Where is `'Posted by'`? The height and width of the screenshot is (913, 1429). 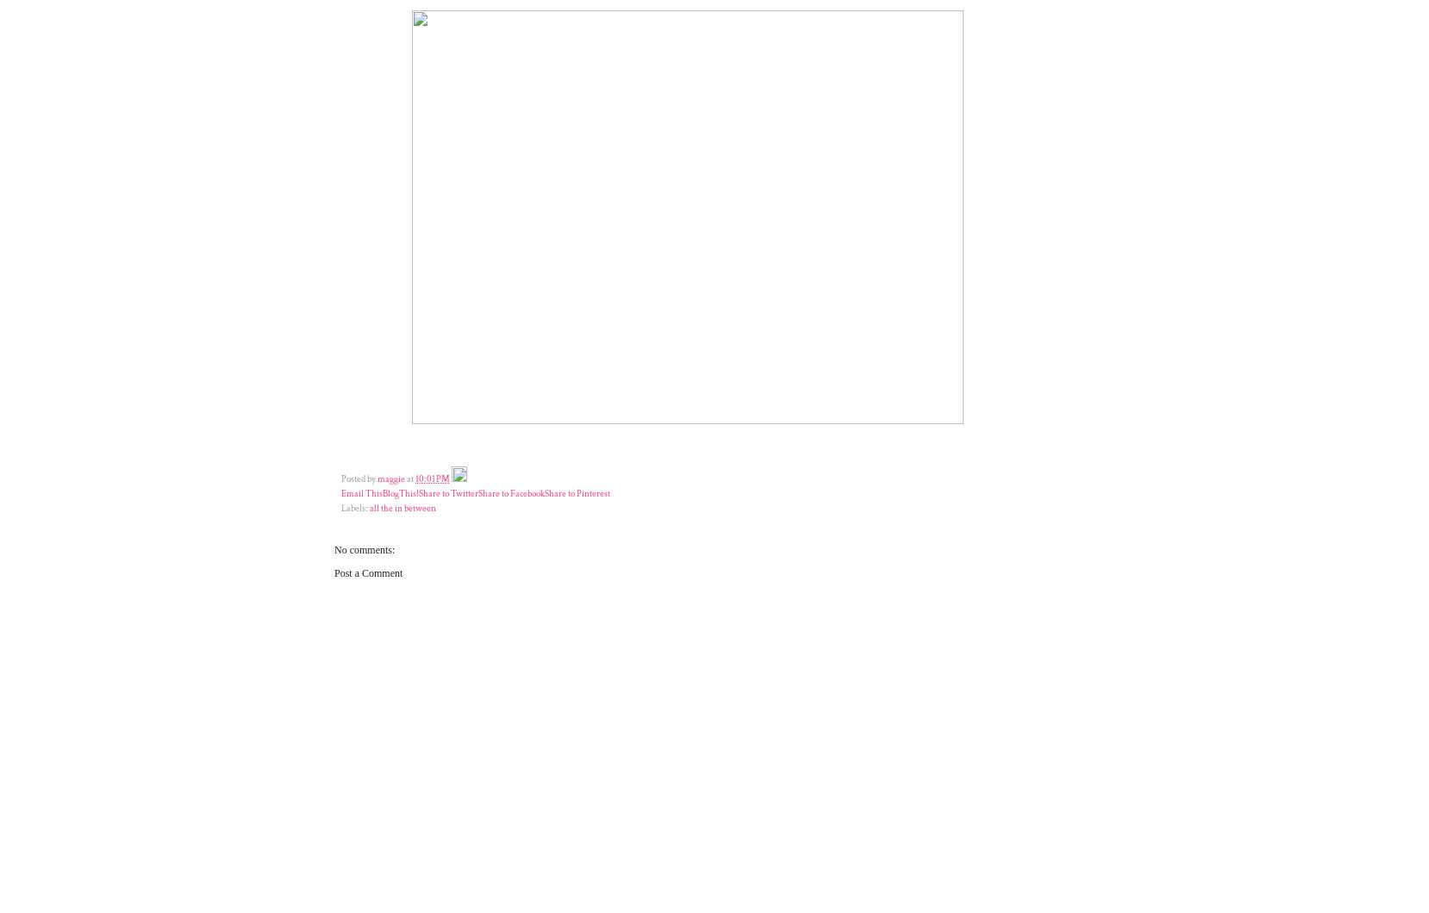 'Posted by' is located at coordinates (359, 478).